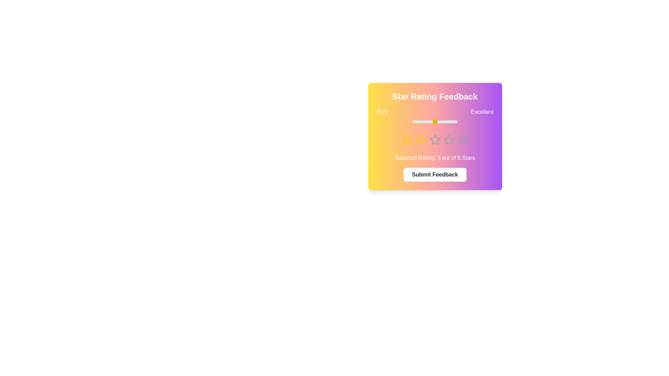 Image resolution: width=669 pixels, height=376 pixels. What do you see at coordinates (407, 140) in the screenshot?
I see `the star corresponding to the desired rating 1` at bounding box center [407, 140].